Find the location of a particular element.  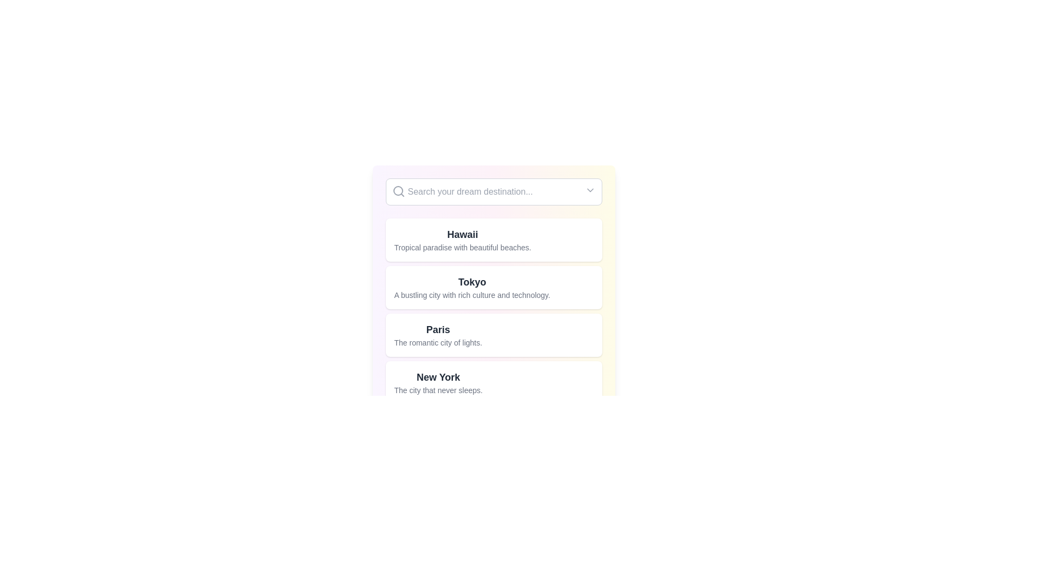

the informational item card for 'Paris', which is the third item in a vertical list of destination cards is located at coordinates (438, 335).